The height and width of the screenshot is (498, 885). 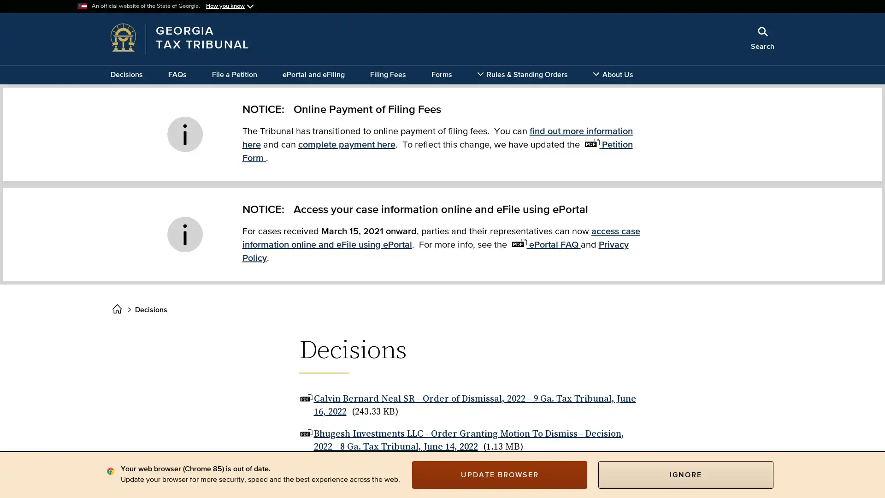 I want to click on Search, so click(x=725, y=130).